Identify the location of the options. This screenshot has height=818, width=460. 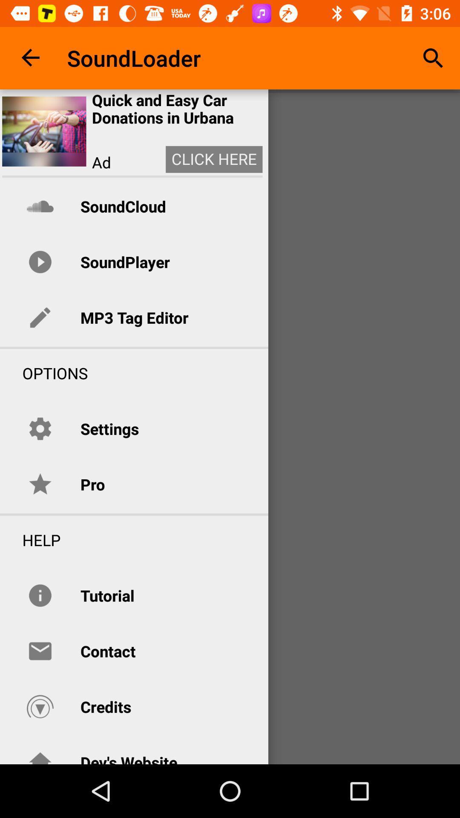
(44, 373).